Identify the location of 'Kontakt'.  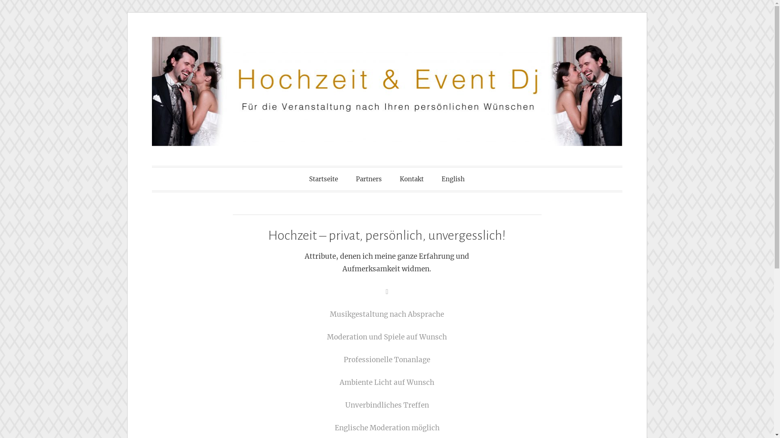
(412, 178).